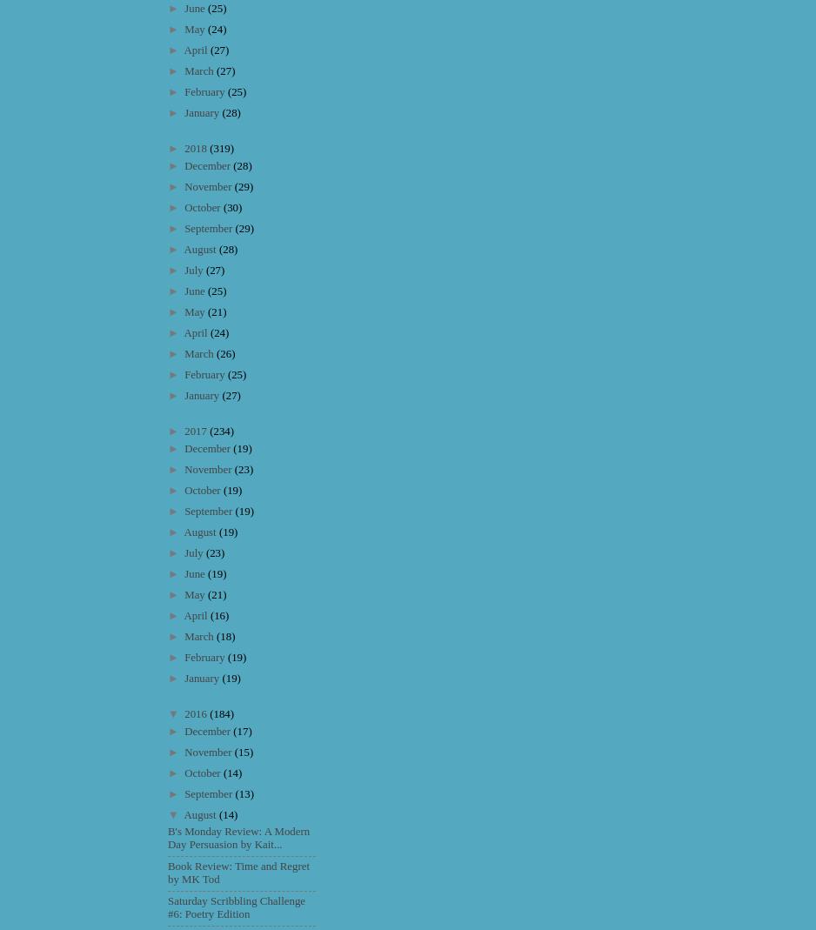 This screenshot has width=816, height=930. What do you see at coordinates (197, 431) in the screenshot?
I see `'2017'` at bounding box center [197, 431].